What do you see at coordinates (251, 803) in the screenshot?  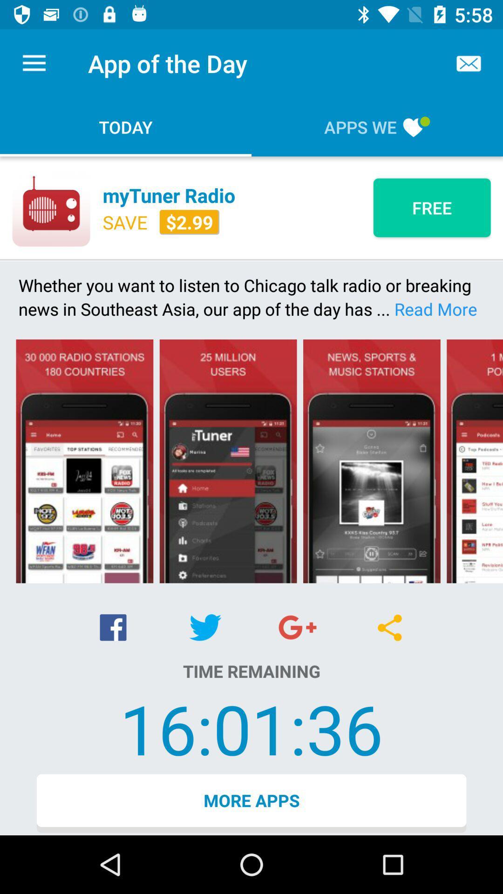 I see `icon below the 16:01:35` at bounding box center [251, 803].